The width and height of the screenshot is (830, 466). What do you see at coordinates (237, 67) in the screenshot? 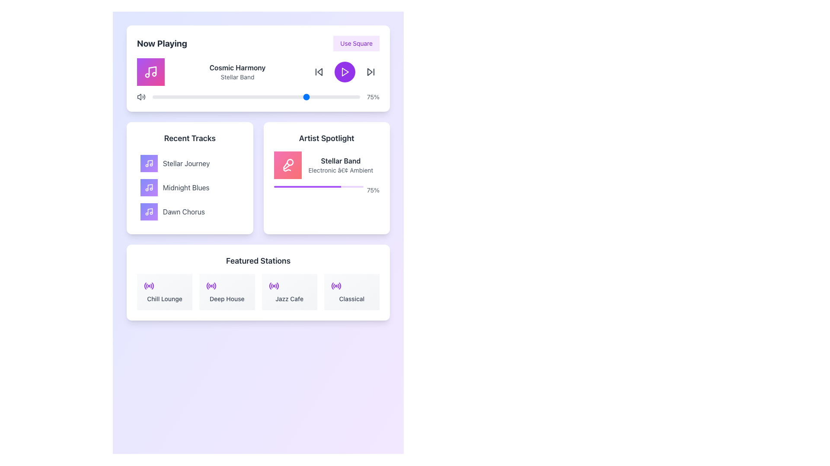
I see `the text label displaying 'Cosmic Harmony' in bold dark gray font, located at the top center of the 'Now Playing' section, above the subtext 'Stellar Band'` at bounding box center [237, 67].